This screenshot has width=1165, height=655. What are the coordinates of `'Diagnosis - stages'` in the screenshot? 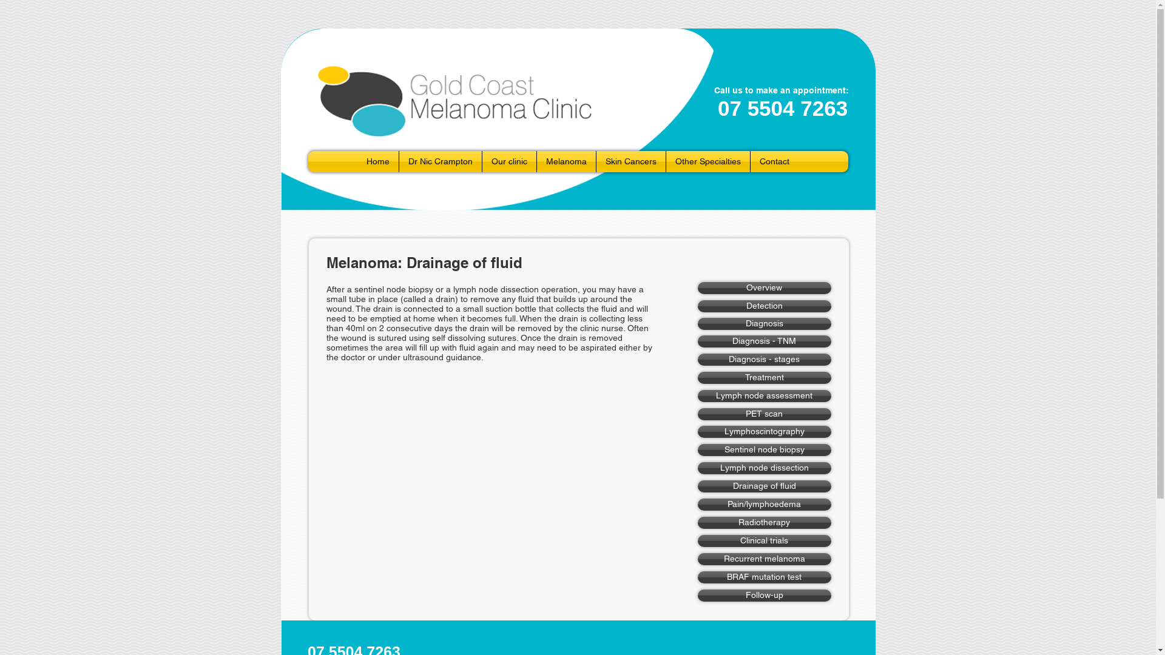 It's located at (698, 359).